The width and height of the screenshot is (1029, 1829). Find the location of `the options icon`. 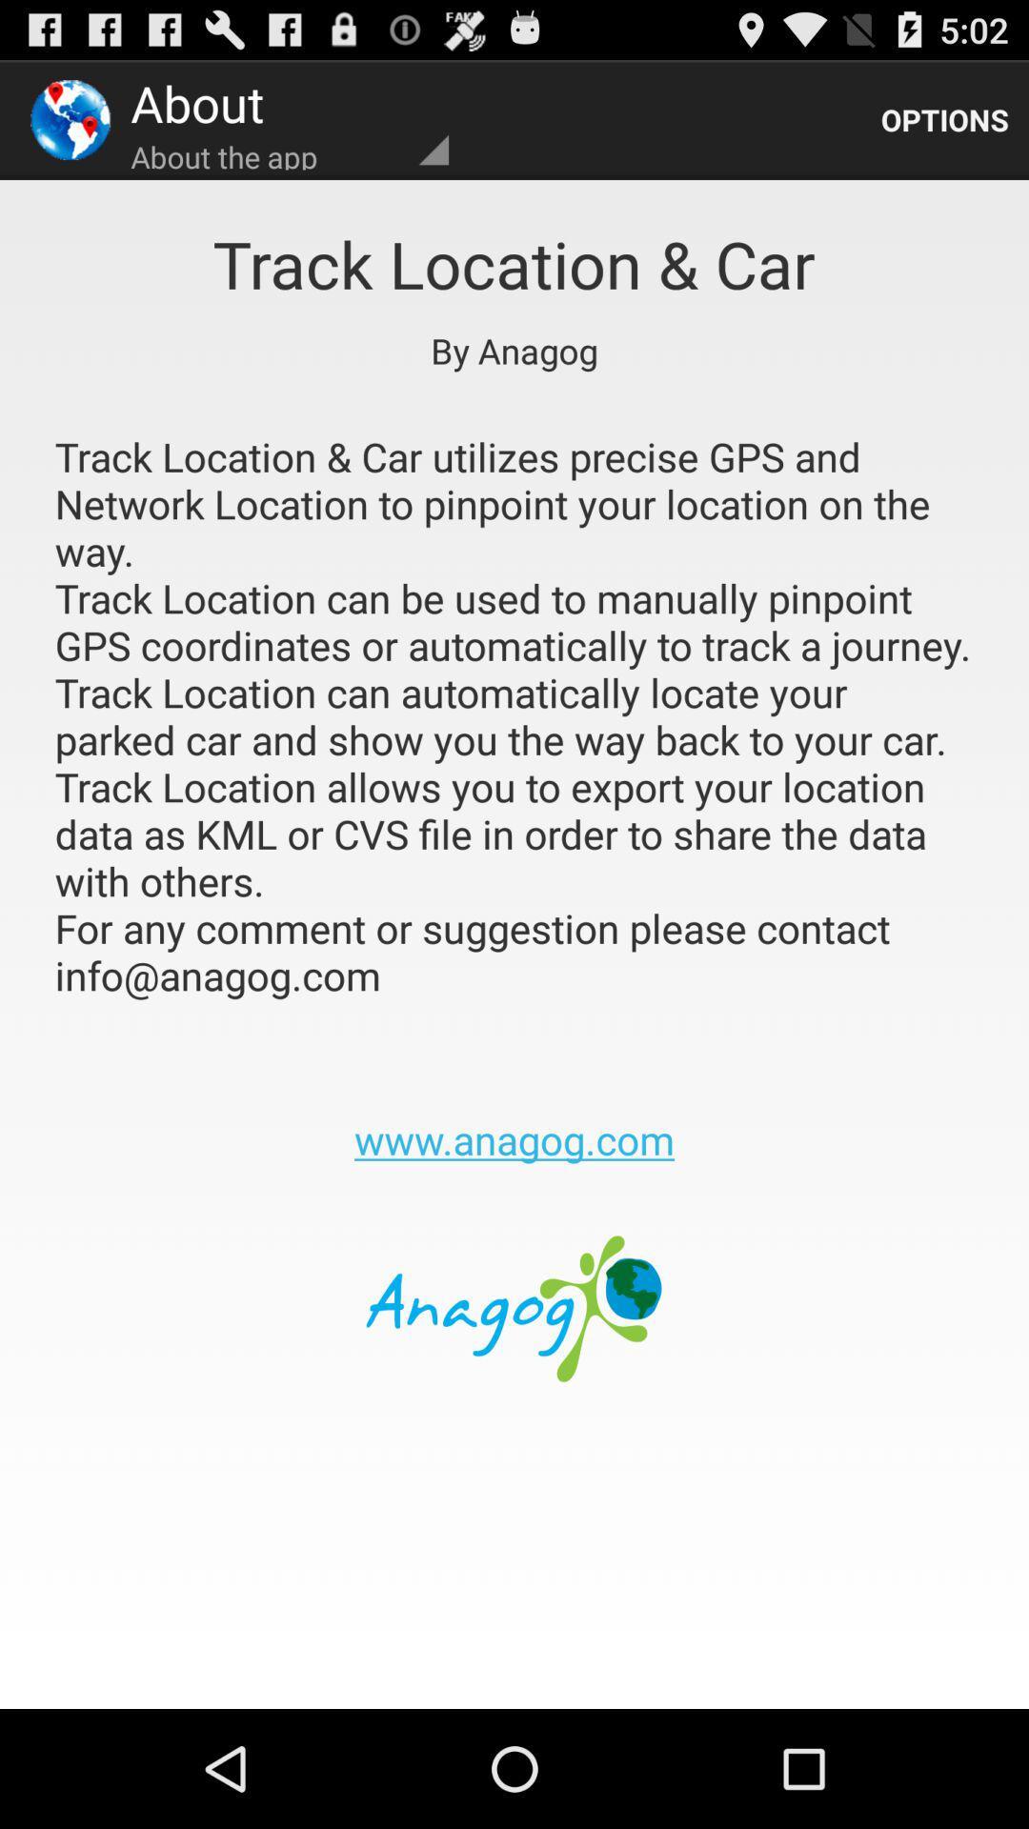

the options icon is located at coordinates (944, 118).